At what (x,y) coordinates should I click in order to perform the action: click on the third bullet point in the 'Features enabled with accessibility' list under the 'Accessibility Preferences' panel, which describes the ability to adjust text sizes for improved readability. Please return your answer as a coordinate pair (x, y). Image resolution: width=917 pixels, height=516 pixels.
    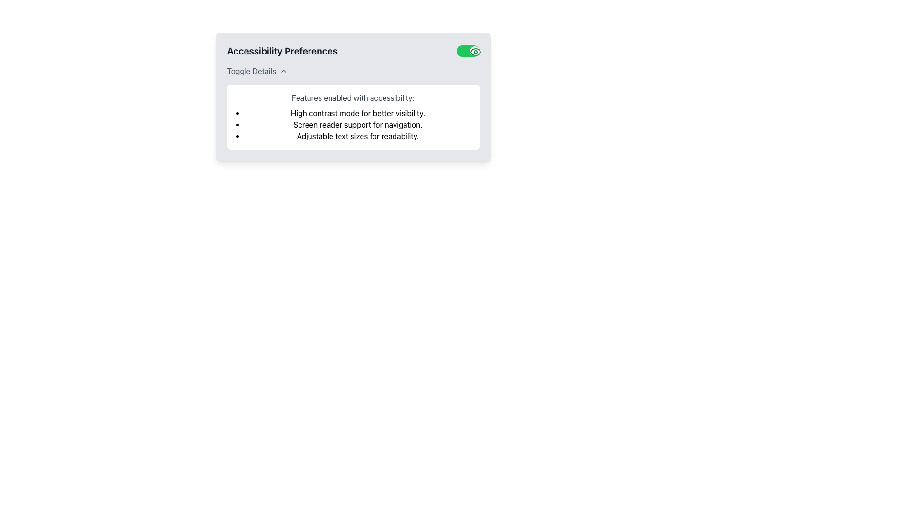
    Looking at the image, I should click on (357, 136).